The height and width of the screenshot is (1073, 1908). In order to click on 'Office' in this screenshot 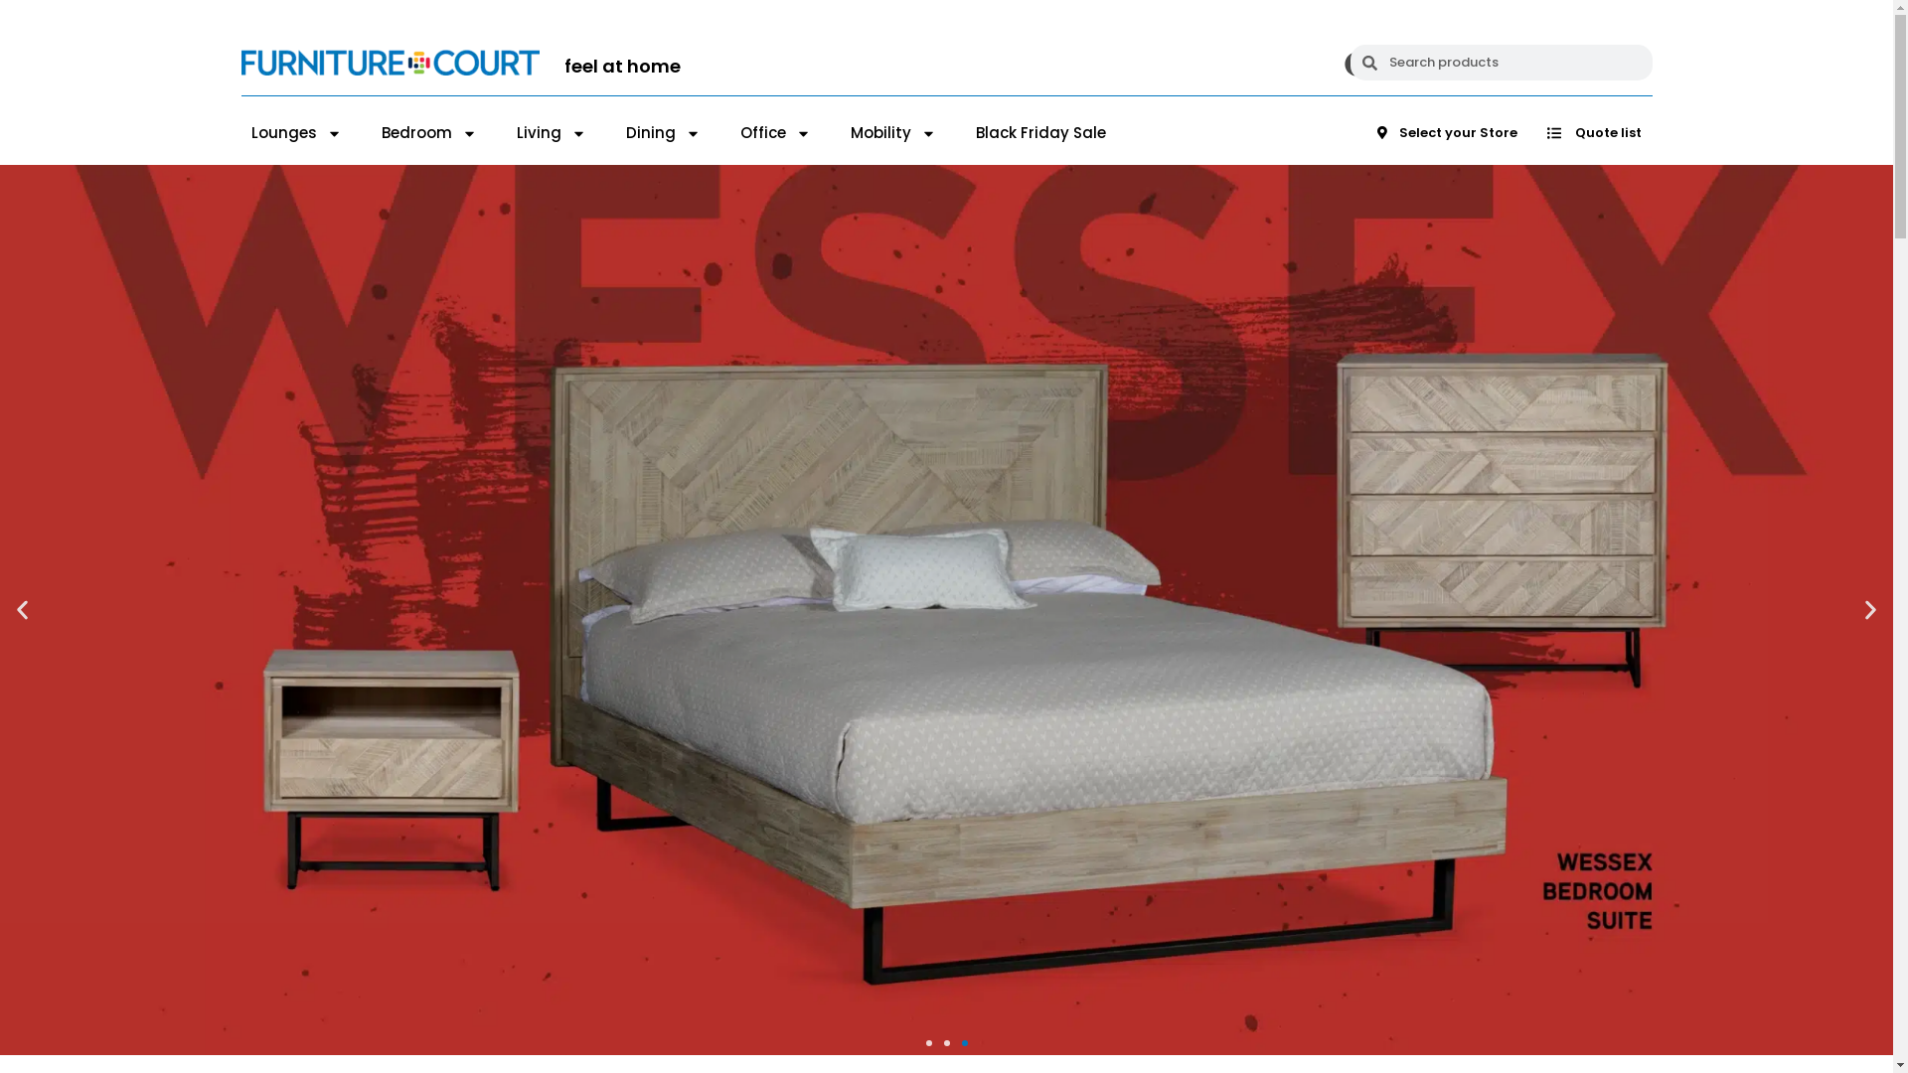, I will do `click(738, 133)`.